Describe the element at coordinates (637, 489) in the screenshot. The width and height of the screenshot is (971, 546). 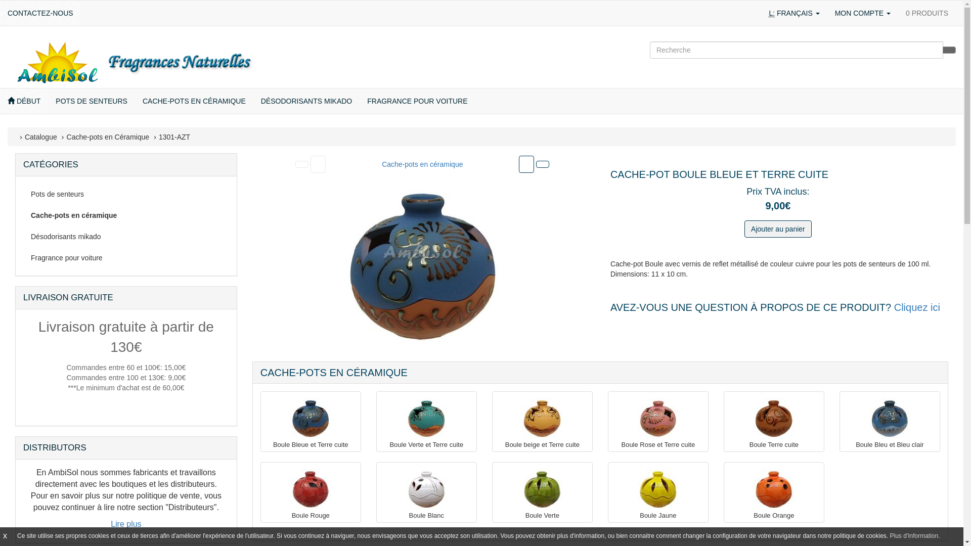
I see `'Boule Jaune'` at that location.